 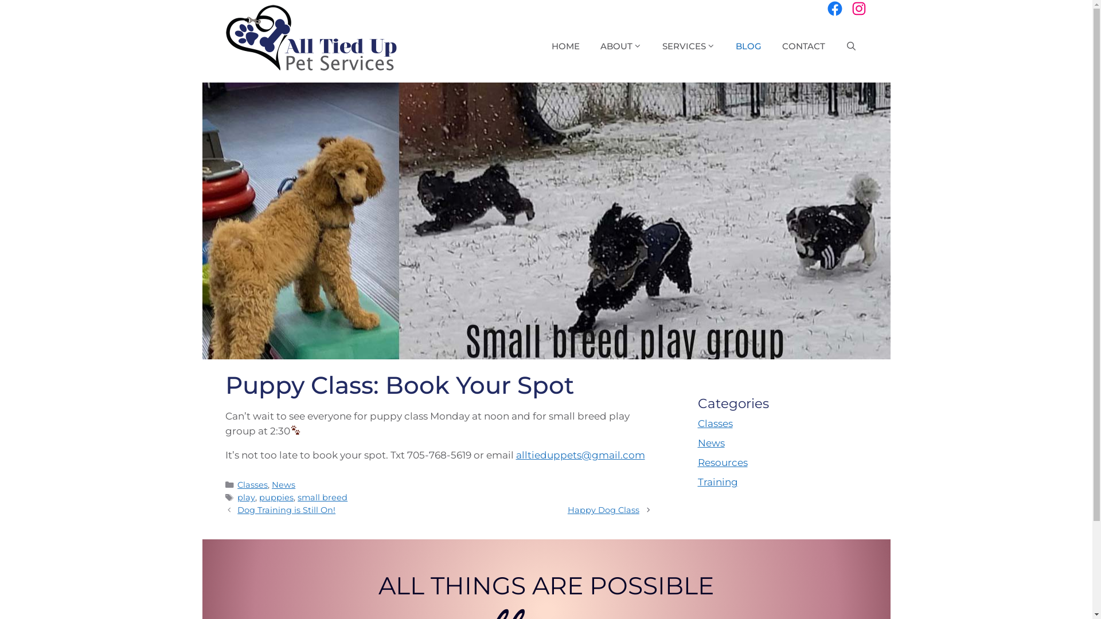 What do you see at coordinates (565, 46) in the screenshot?
I see `'HOME'` at bounding box center [565, 46].